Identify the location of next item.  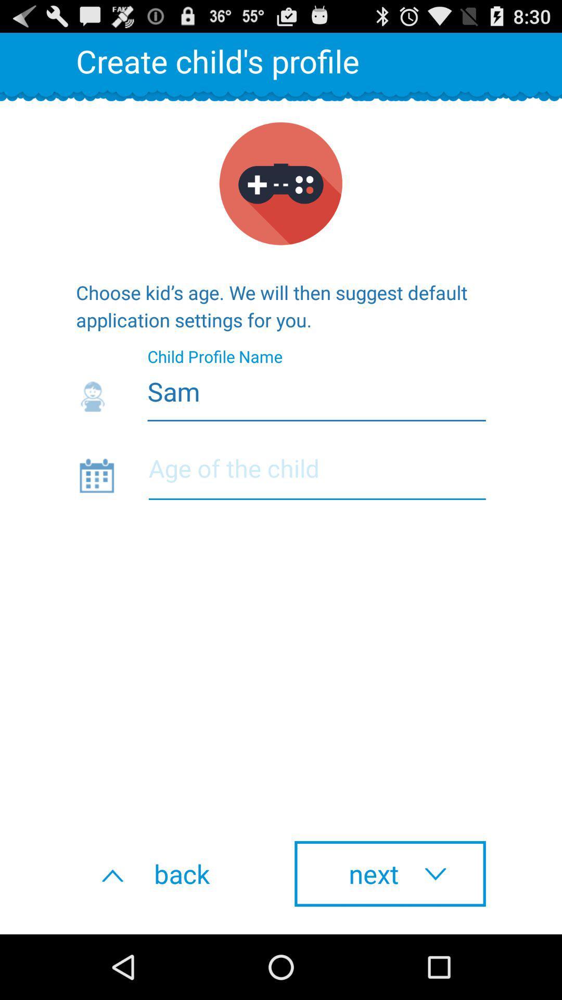
(390, 873).